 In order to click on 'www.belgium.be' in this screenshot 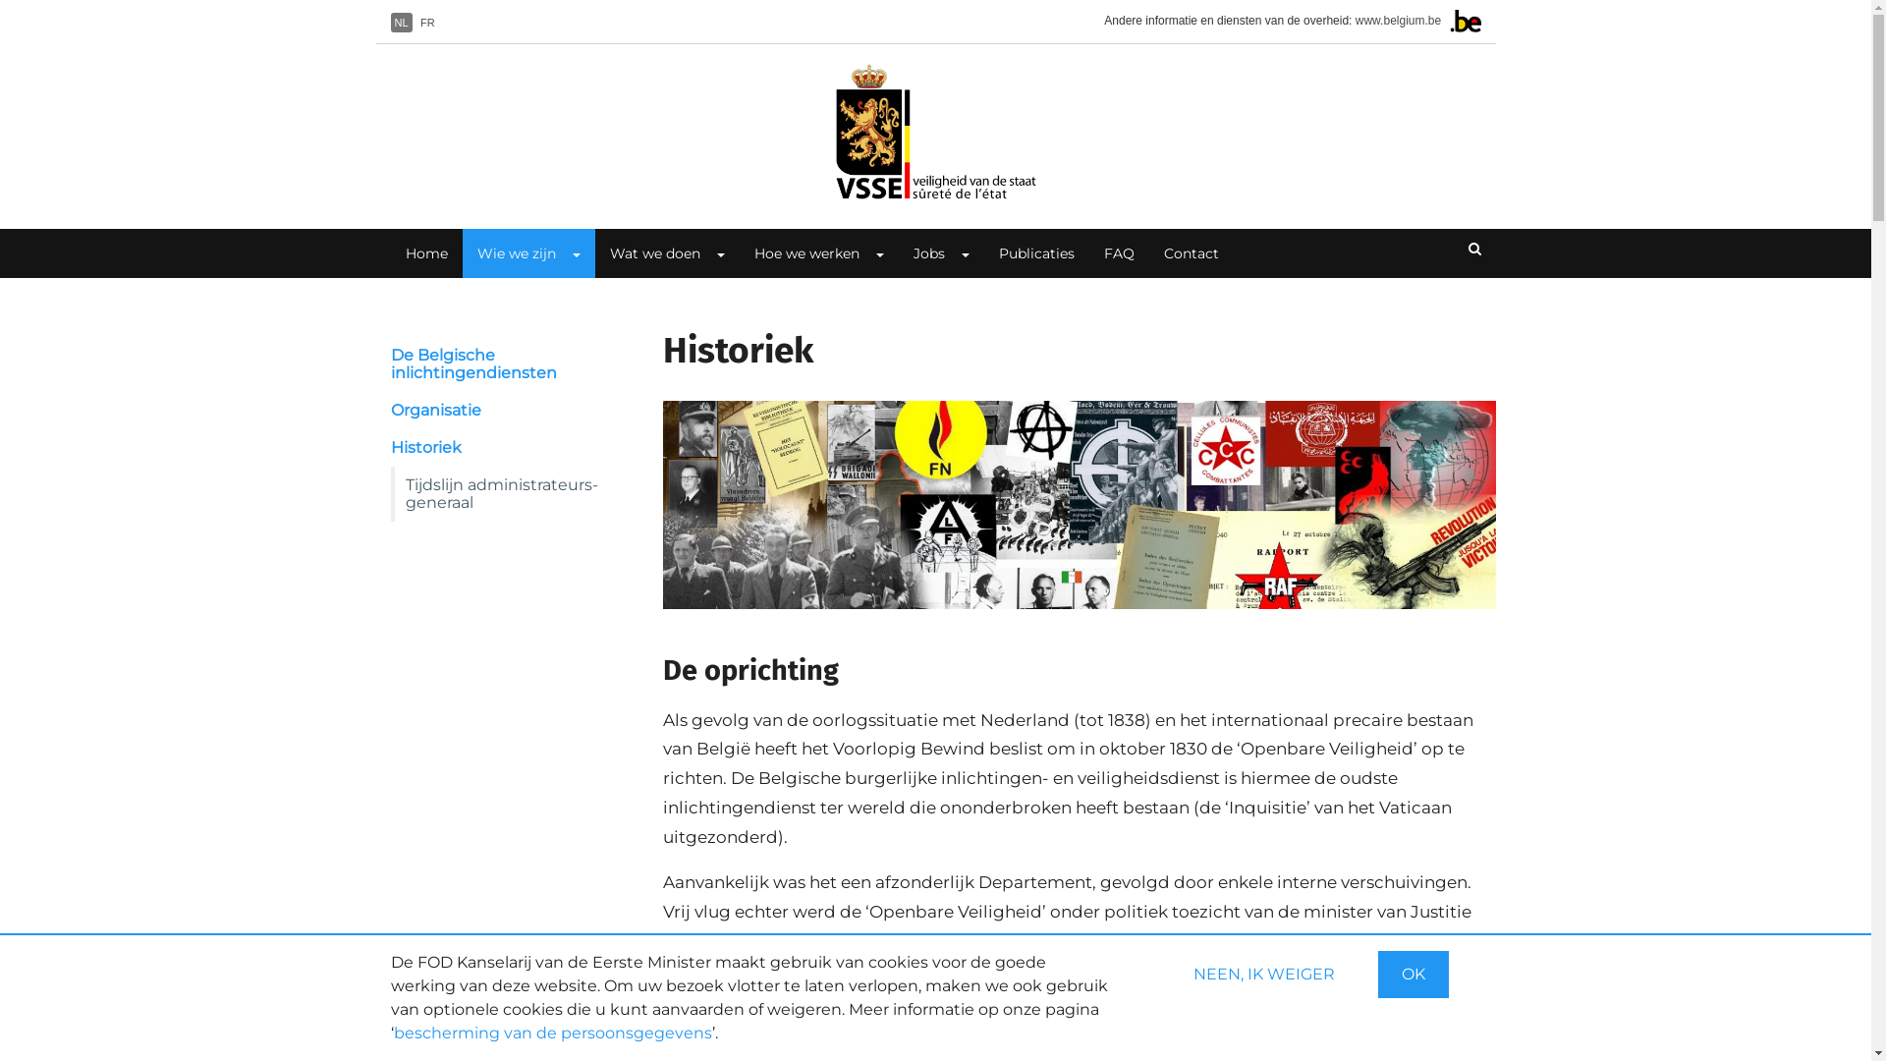, I will do `click(1355, 20)`.